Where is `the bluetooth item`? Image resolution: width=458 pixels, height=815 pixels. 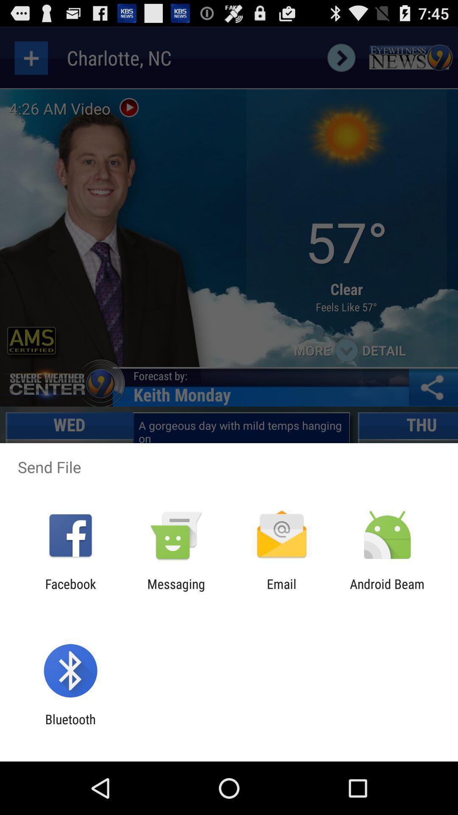 the bluetooth item is located at coordinates (70, 726).